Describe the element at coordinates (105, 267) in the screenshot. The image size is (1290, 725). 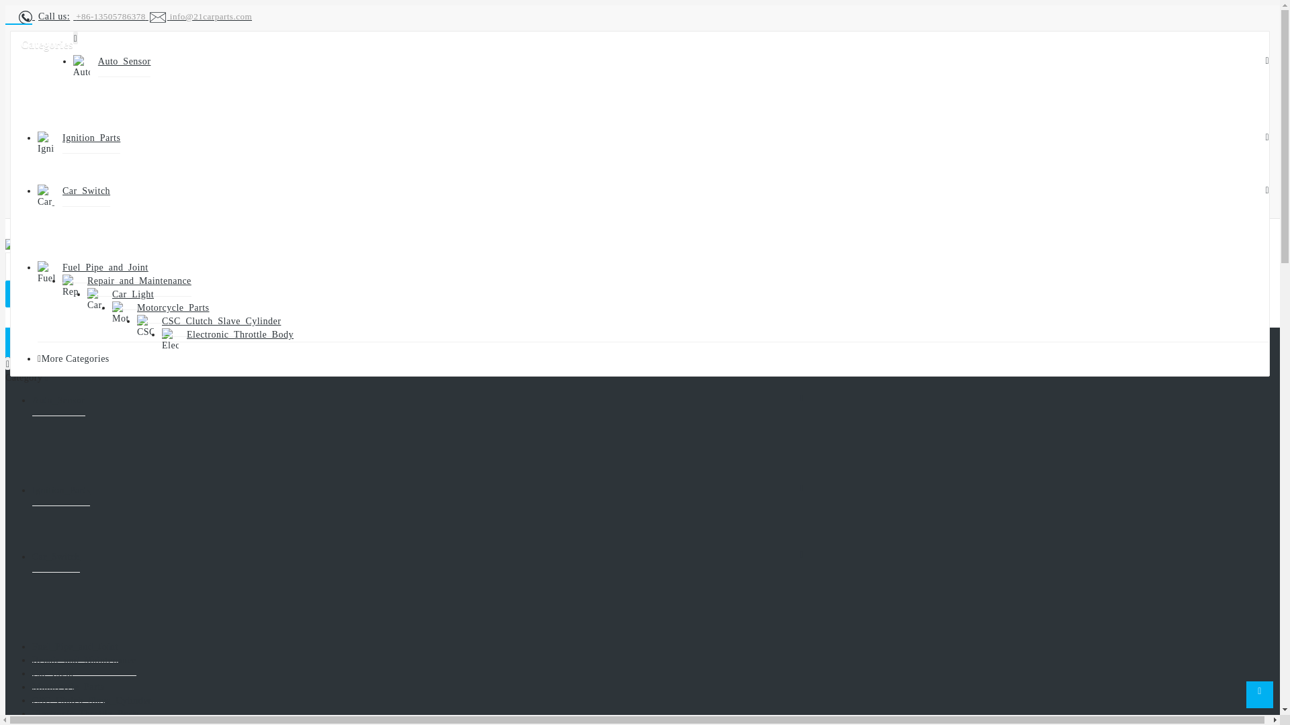
I see `'Fuel_Pipe_And_Joint'` at that location.